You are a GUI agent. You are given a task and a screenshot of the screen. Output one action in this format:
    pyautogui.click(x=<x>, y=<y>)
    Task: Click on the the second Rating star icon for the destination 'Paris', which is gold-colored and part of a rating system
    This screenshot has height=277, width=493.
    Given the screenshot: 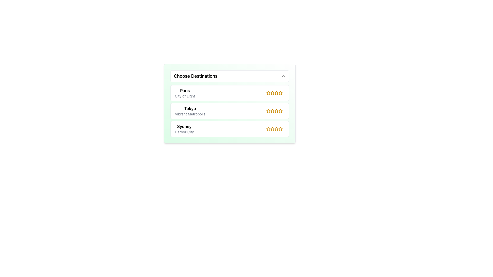 What is the action you would take?
    pyautogui.click(x=276, y=93)
    